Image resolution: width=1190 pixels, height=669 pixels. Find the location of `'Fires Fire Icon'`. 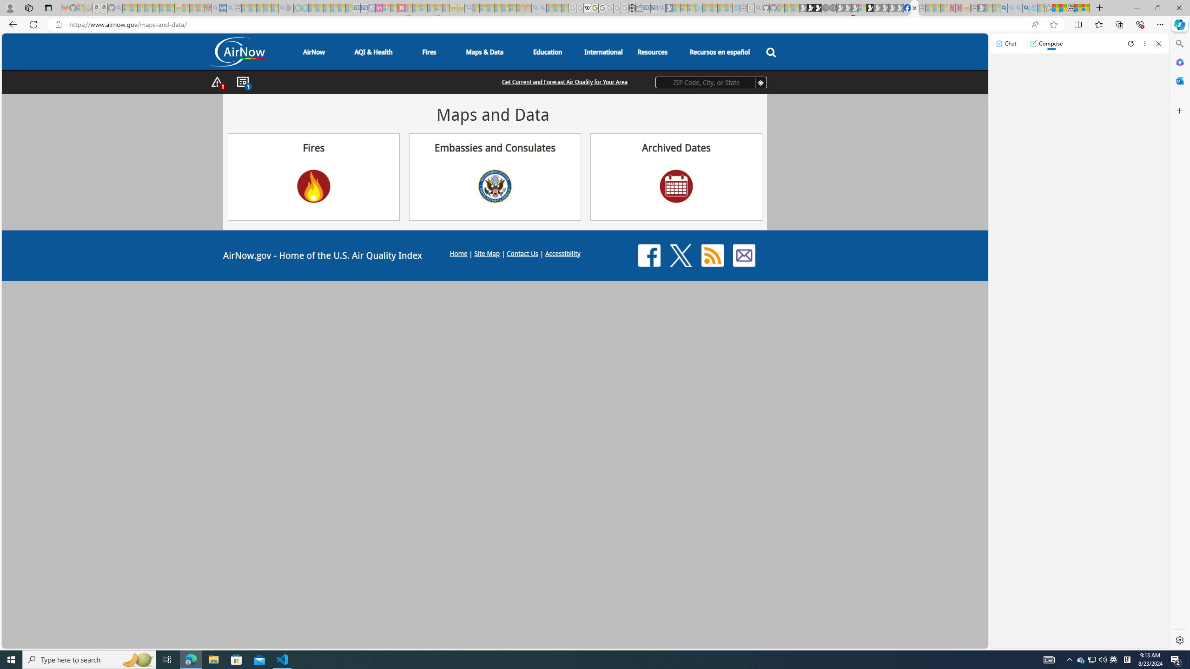

'Fires Fire Icon' is located at coordinates (313, 176).